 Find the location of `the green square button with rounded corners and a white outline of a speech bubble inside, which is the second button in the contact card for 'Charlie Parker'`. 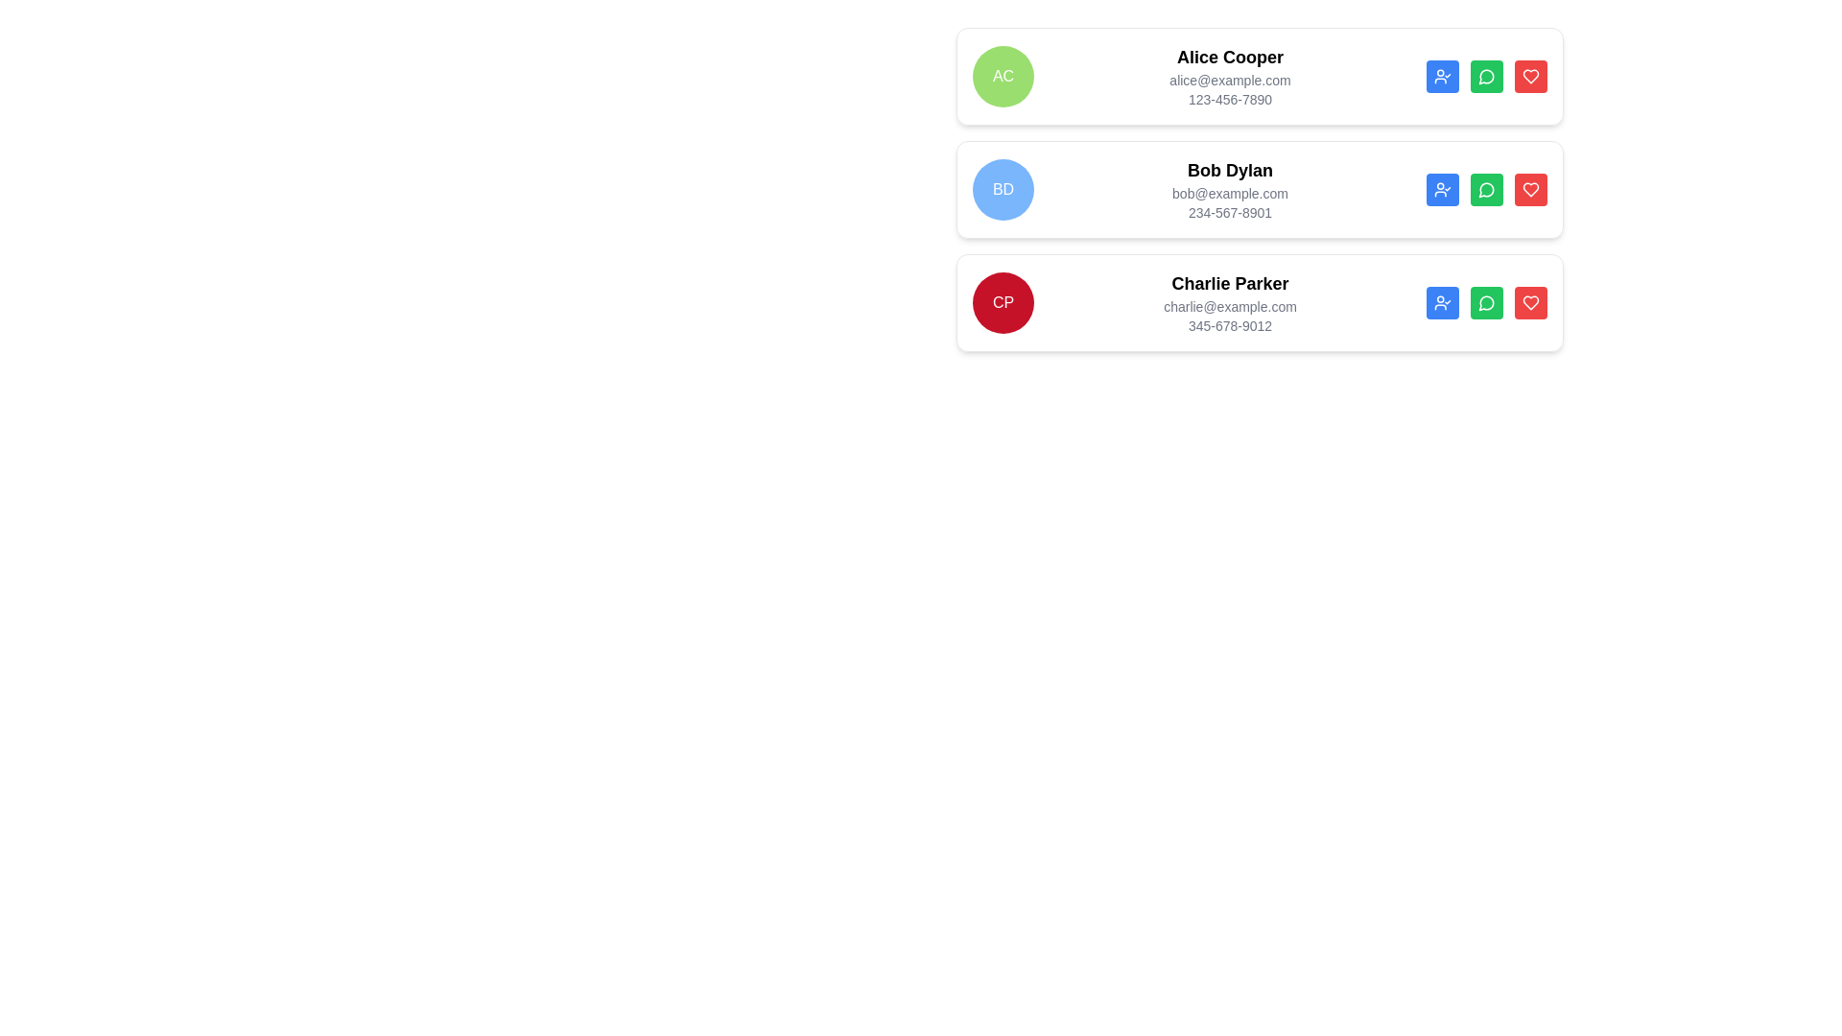

the green square button with rounded corners and a white outline of a speech bubble inside, which is the second button in the contact card for 'Charlie Parker' is located at coordinates (1486, 302).